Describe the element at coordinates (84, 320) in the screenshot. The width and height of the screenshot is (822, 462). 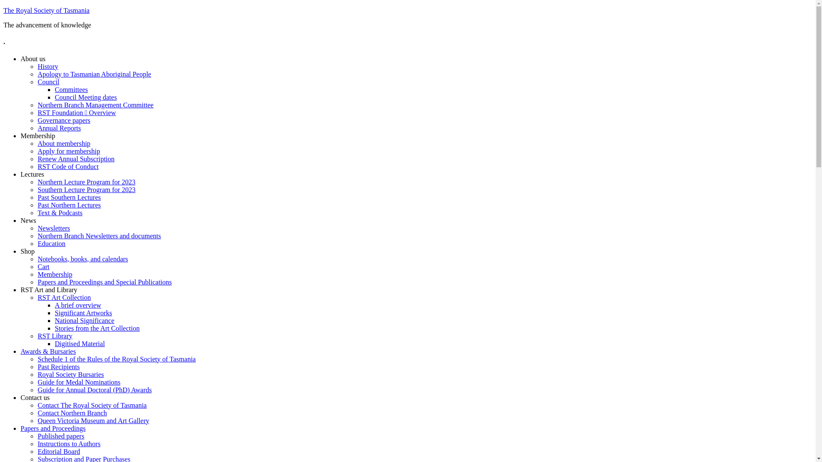
I see `'National Significance'` at that location.